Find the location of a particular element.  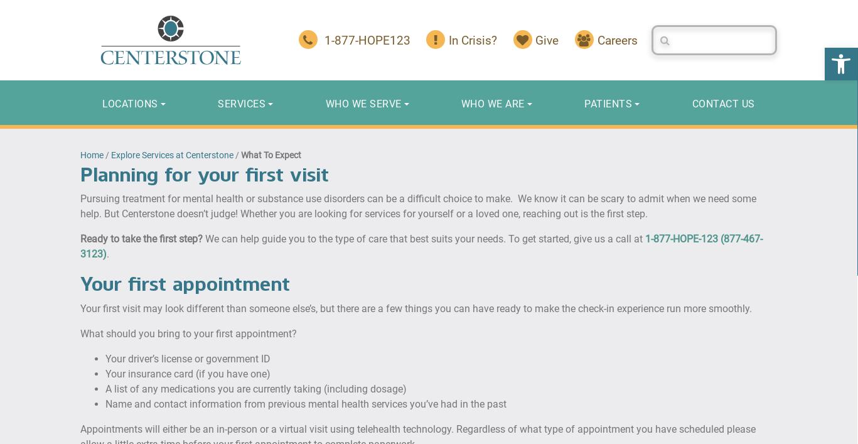

'A list of any medications you are currently taking (including dosage)' is located at coordinates (256, 387).